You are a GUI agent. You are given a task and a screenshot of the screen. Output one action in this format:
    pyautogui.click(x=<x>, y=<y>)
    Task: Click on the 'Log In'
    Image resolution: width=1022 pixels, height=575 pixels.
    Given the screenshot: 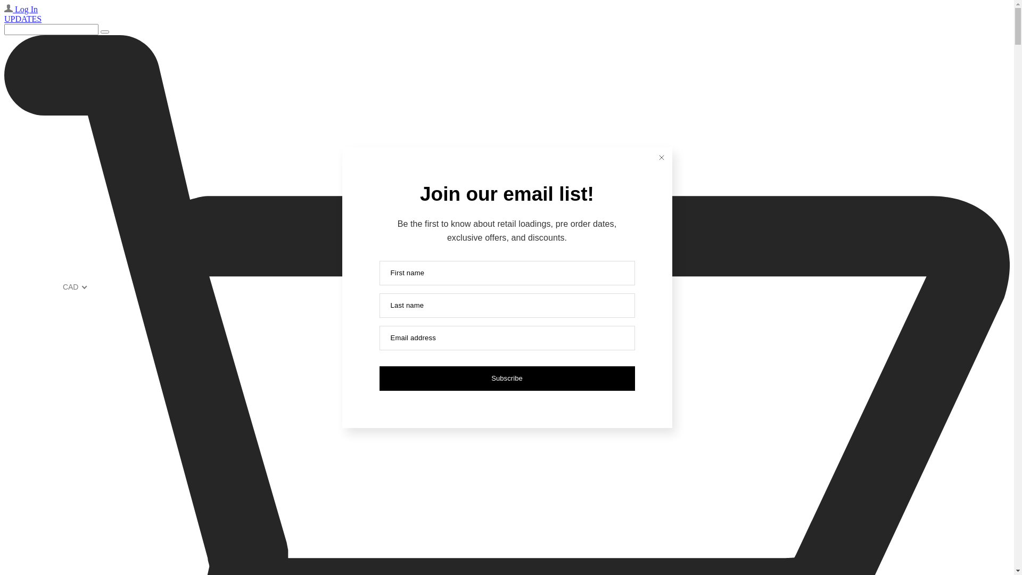 What is the action you would take?
    pyautogui.click(x=21, y=9)
    